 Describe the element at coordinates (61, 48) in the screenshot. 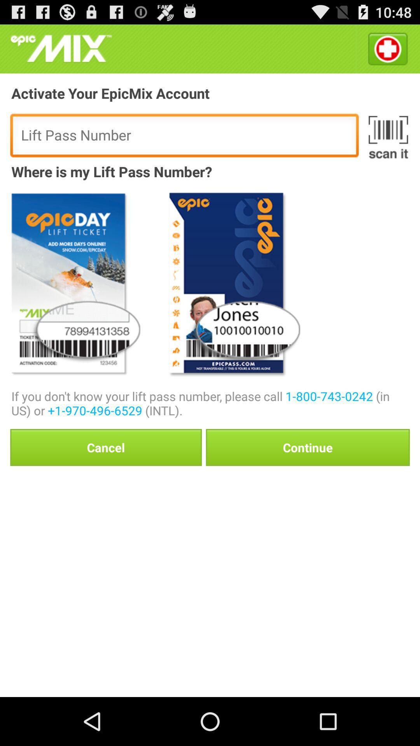

I see `item above the activate your epicmix item` at that location.